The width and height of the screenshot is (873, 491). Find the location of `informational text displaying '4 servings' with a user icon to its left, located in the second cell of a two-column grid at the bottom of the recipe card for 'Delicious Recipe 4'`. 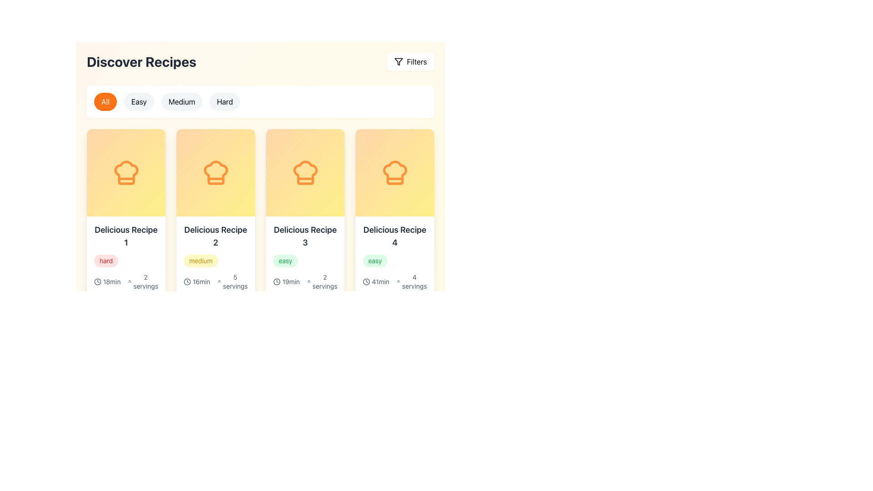

informational text displaying '4 servings' with a user icon to its left, located in the second cell of a two-column grid at the bottom of the recipe card for 'Delicious Recipe 4' is located at coordinates (411, 281).